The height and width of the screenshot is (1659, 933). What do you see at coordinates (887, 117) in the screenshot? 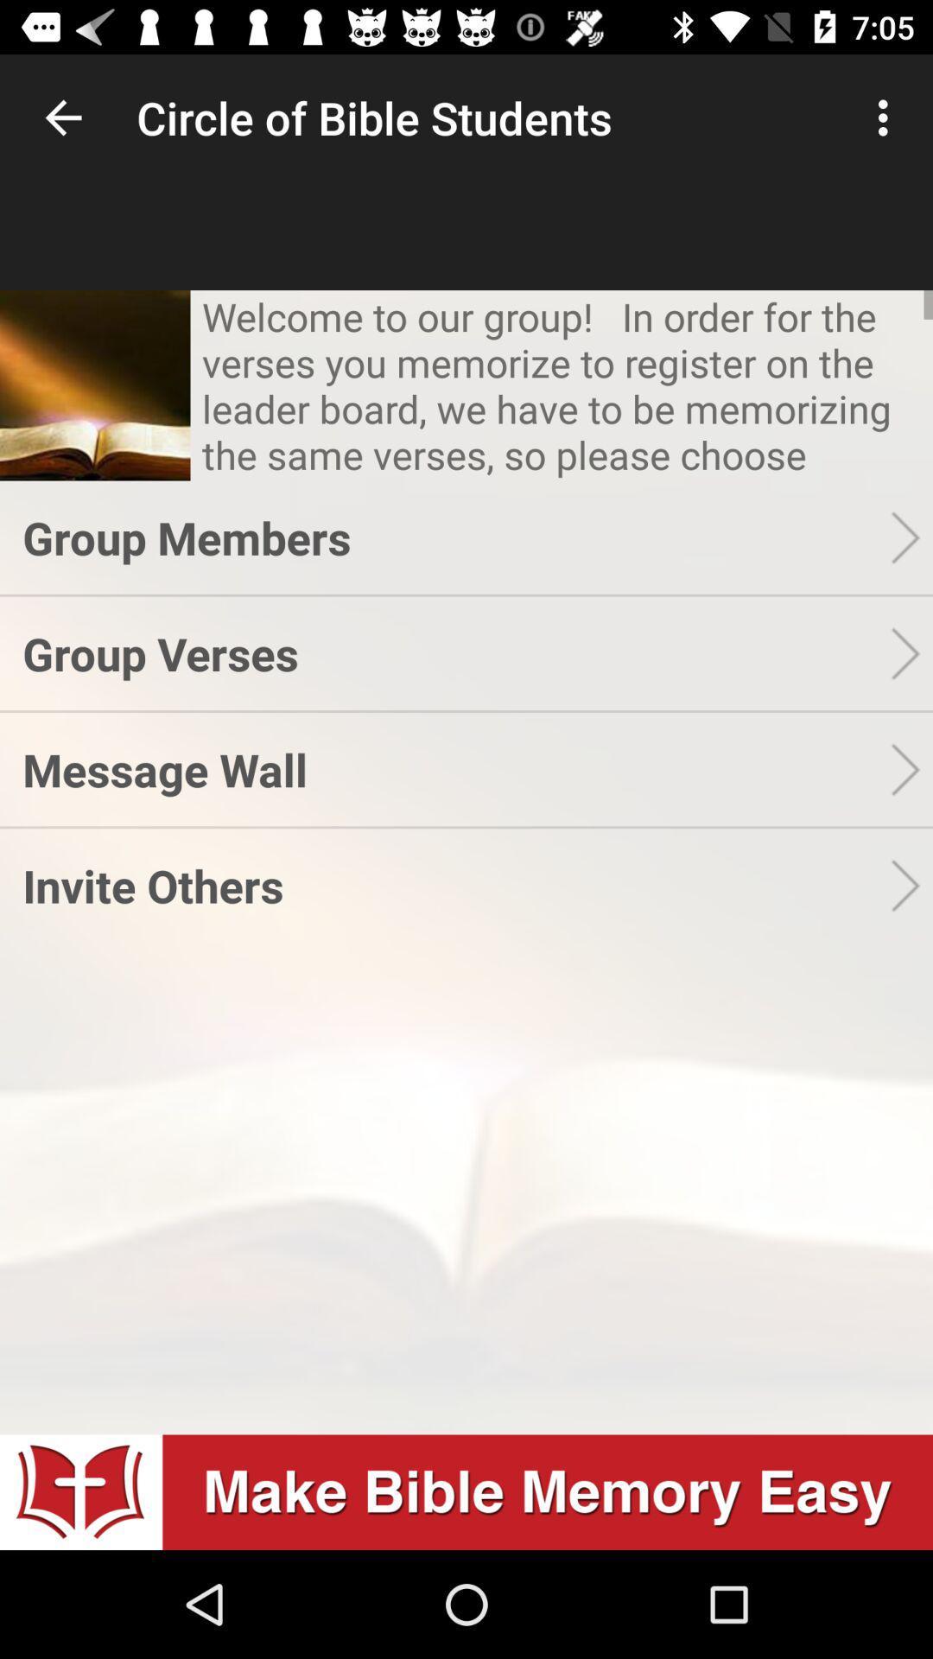
I see `app next to the circle of bible item` at bounding box center [887, 117].